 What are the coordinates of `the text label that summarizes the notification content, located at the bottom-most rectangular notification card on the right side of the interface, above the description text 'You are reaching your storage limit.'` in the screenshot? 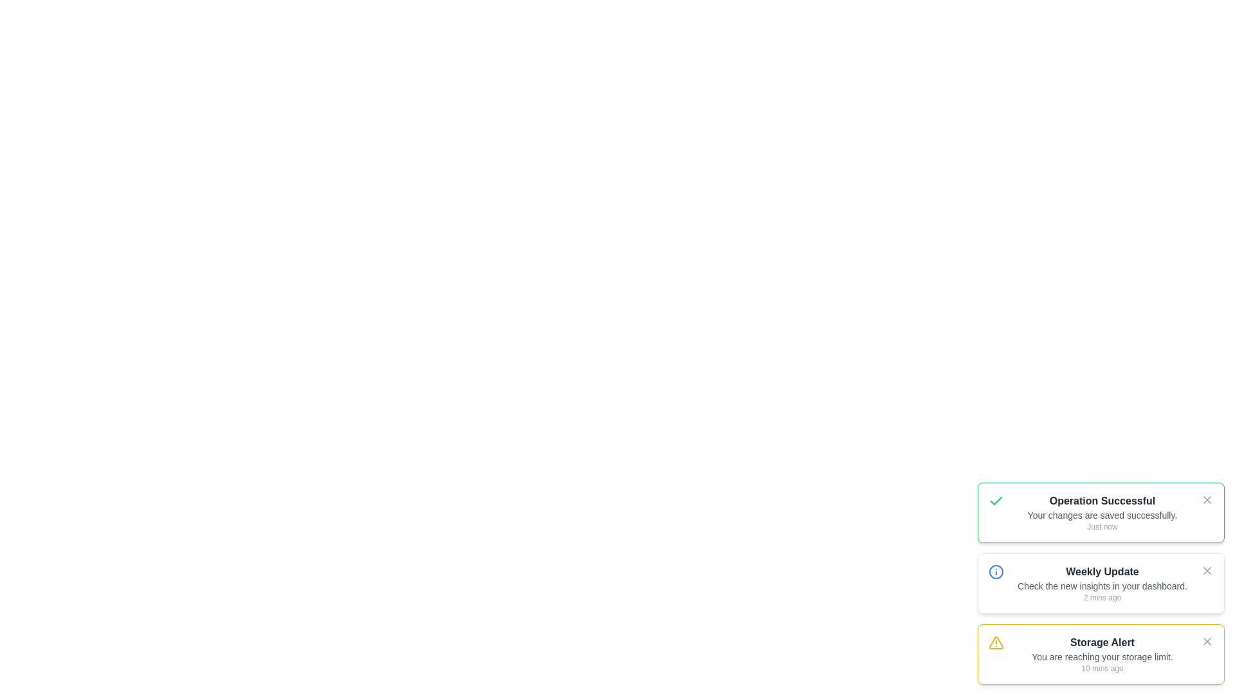 It's located at (1101, 643).